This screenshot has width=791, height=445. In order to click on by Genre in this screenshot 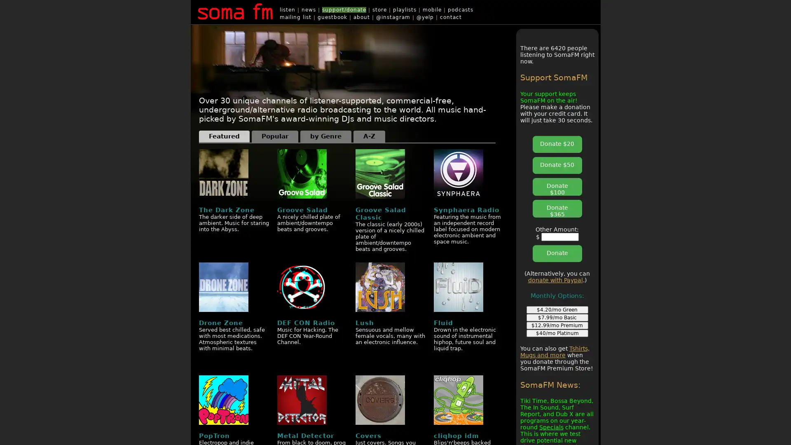, I will do `click(325, 136)`.